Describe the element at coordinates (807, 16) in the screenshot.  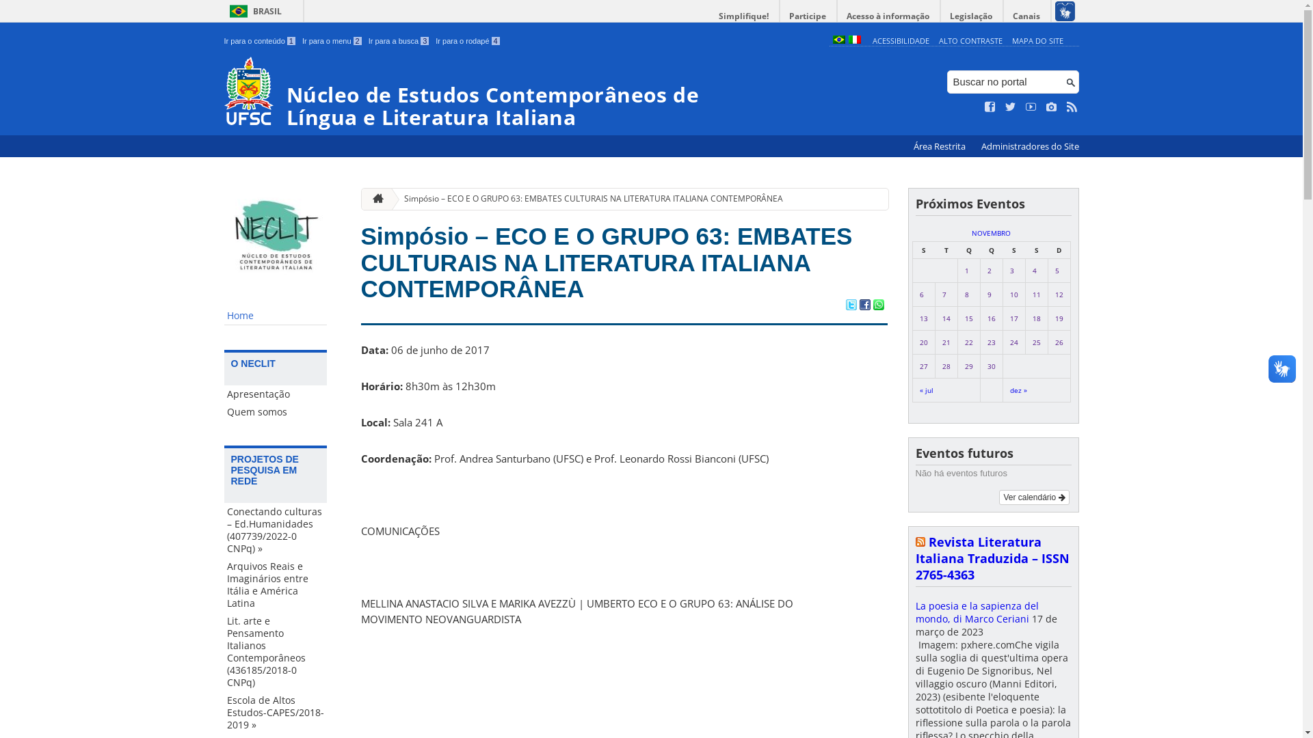
I see `'Participe'` at that location.